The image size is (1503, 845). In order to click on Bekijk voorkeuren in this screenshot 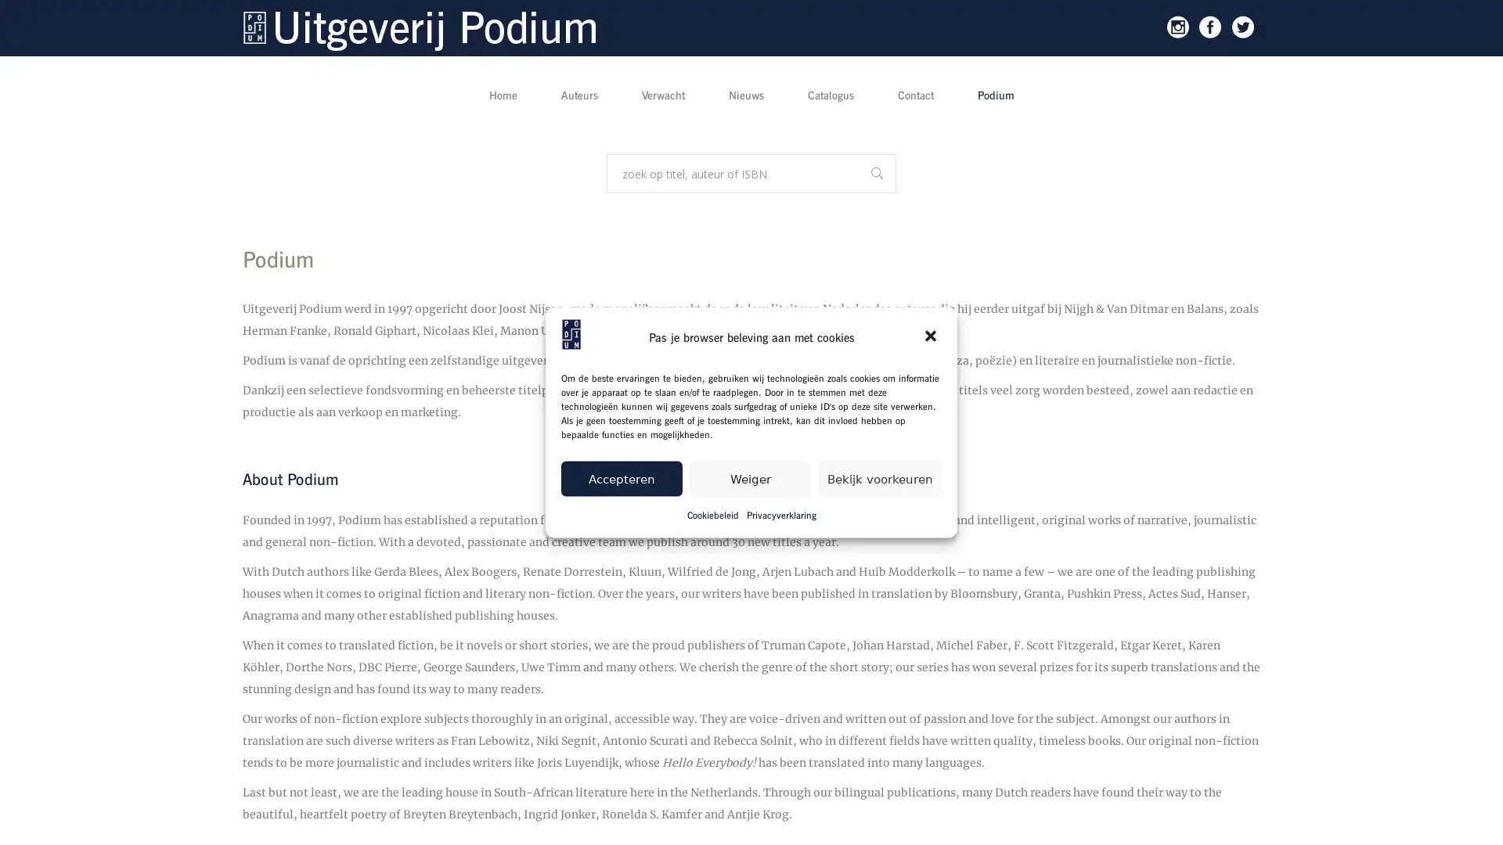, I will do `click(880, 477)`.